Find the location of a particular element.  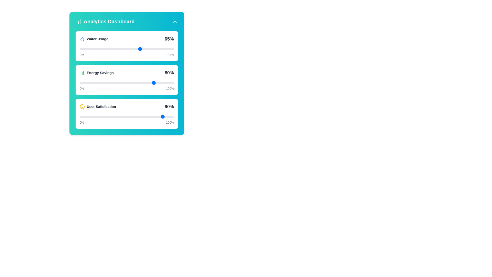

User Satisfaction is located at coordinates (105, 117).